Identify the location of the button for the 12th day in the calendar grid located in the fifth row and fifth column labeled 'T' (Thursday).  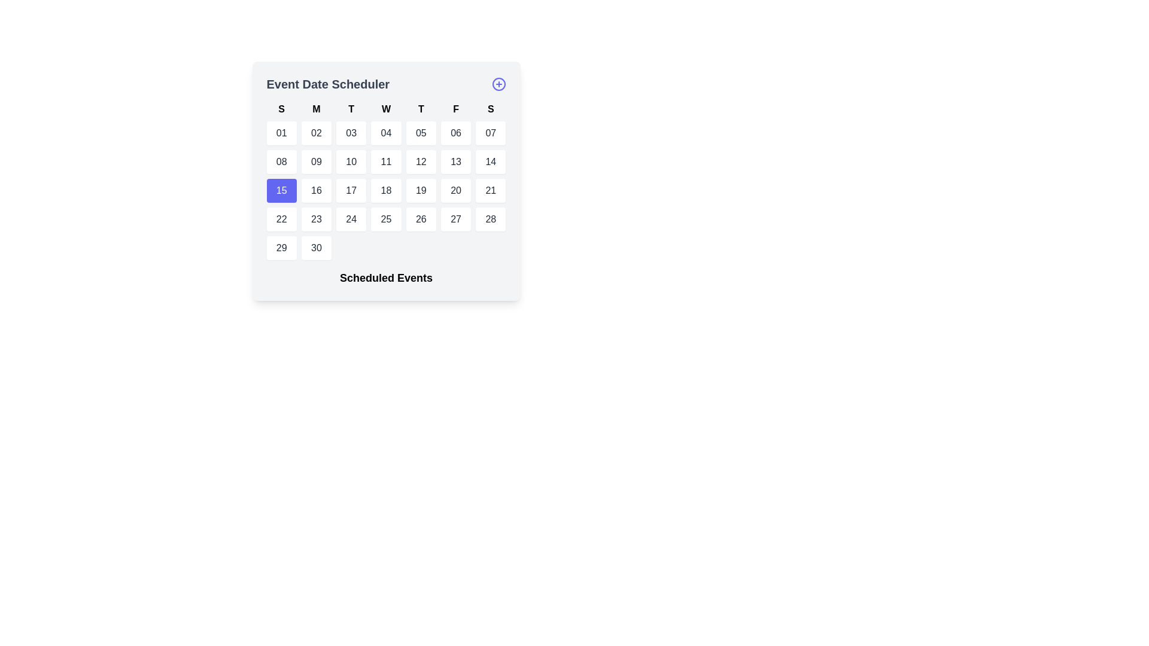
(421, 161).